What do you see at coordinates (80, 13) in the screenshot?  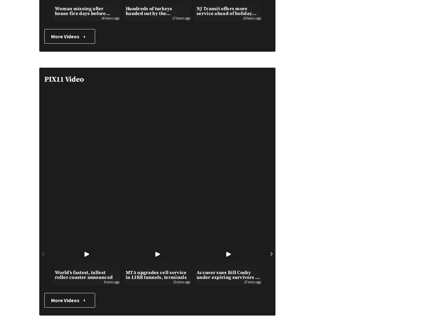 I see `'Woman missing after house fire days before Thanksgiving'` at bounding box center [80, 13].